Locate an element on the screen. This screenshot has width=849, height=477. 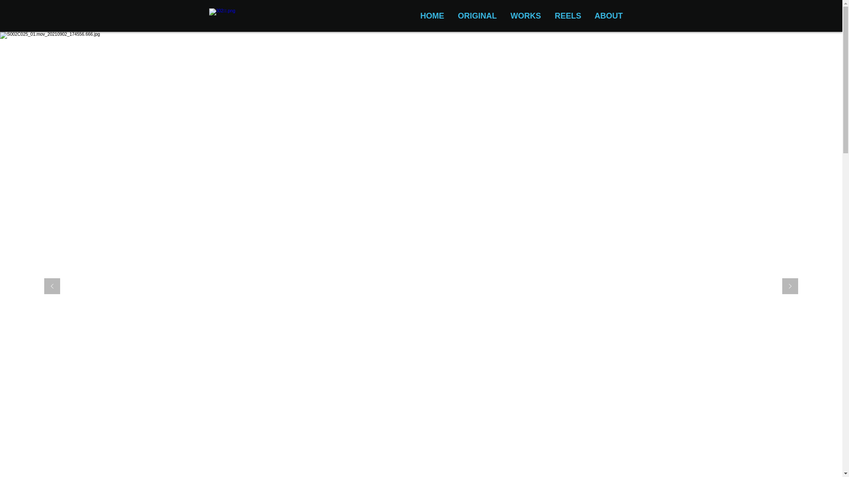
'REELS' is located at coordinates (567, 16).